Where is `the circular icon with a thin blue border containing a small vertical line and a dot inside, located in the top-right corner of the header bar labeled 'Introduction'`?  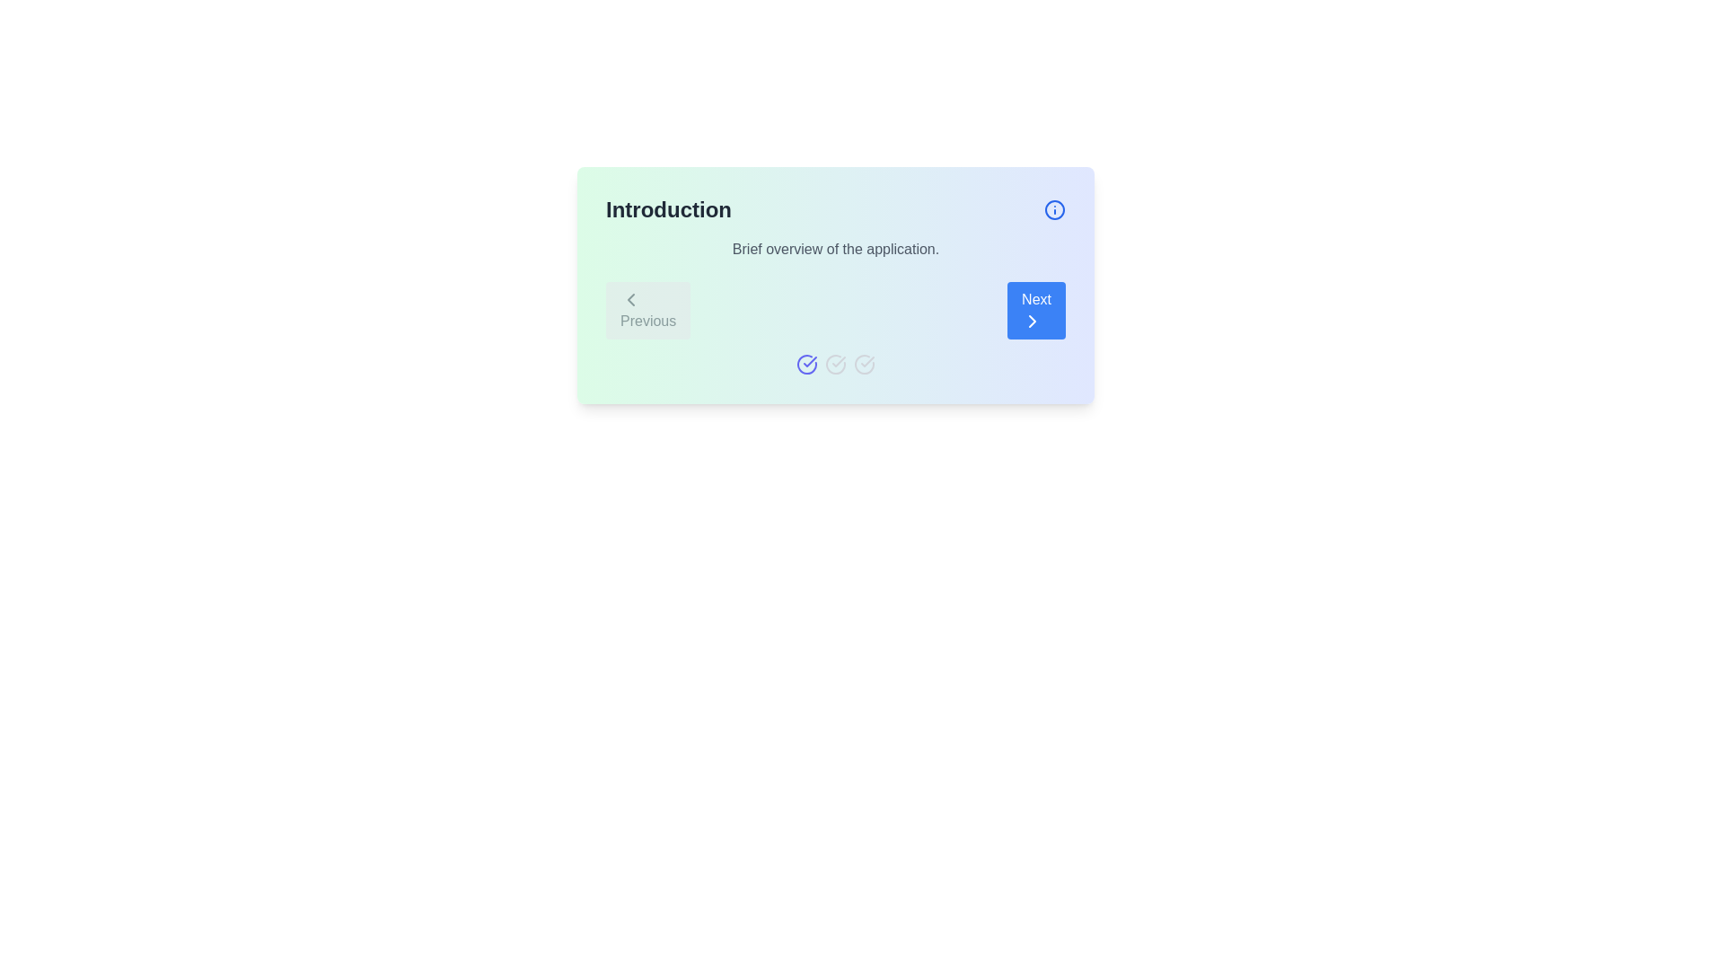 the circular icon with a thin blue border containing a small vertical line and a dot inside, located in the top-right corner of the header bar labeled 'Introduction' is located at coordinates (1055, 209).